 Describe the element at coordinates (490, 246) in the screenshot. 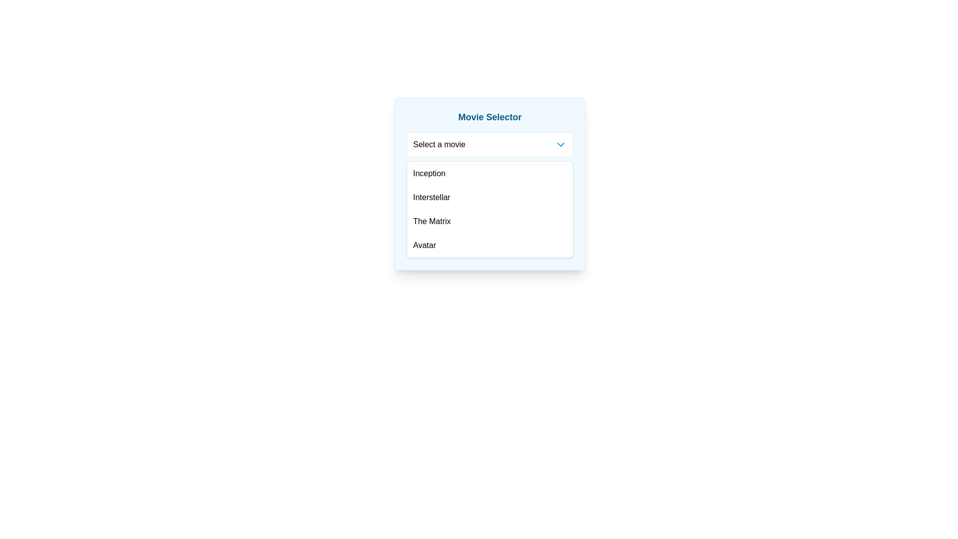

I see `the 'Avatar' option in the dropdown menu` at that location.